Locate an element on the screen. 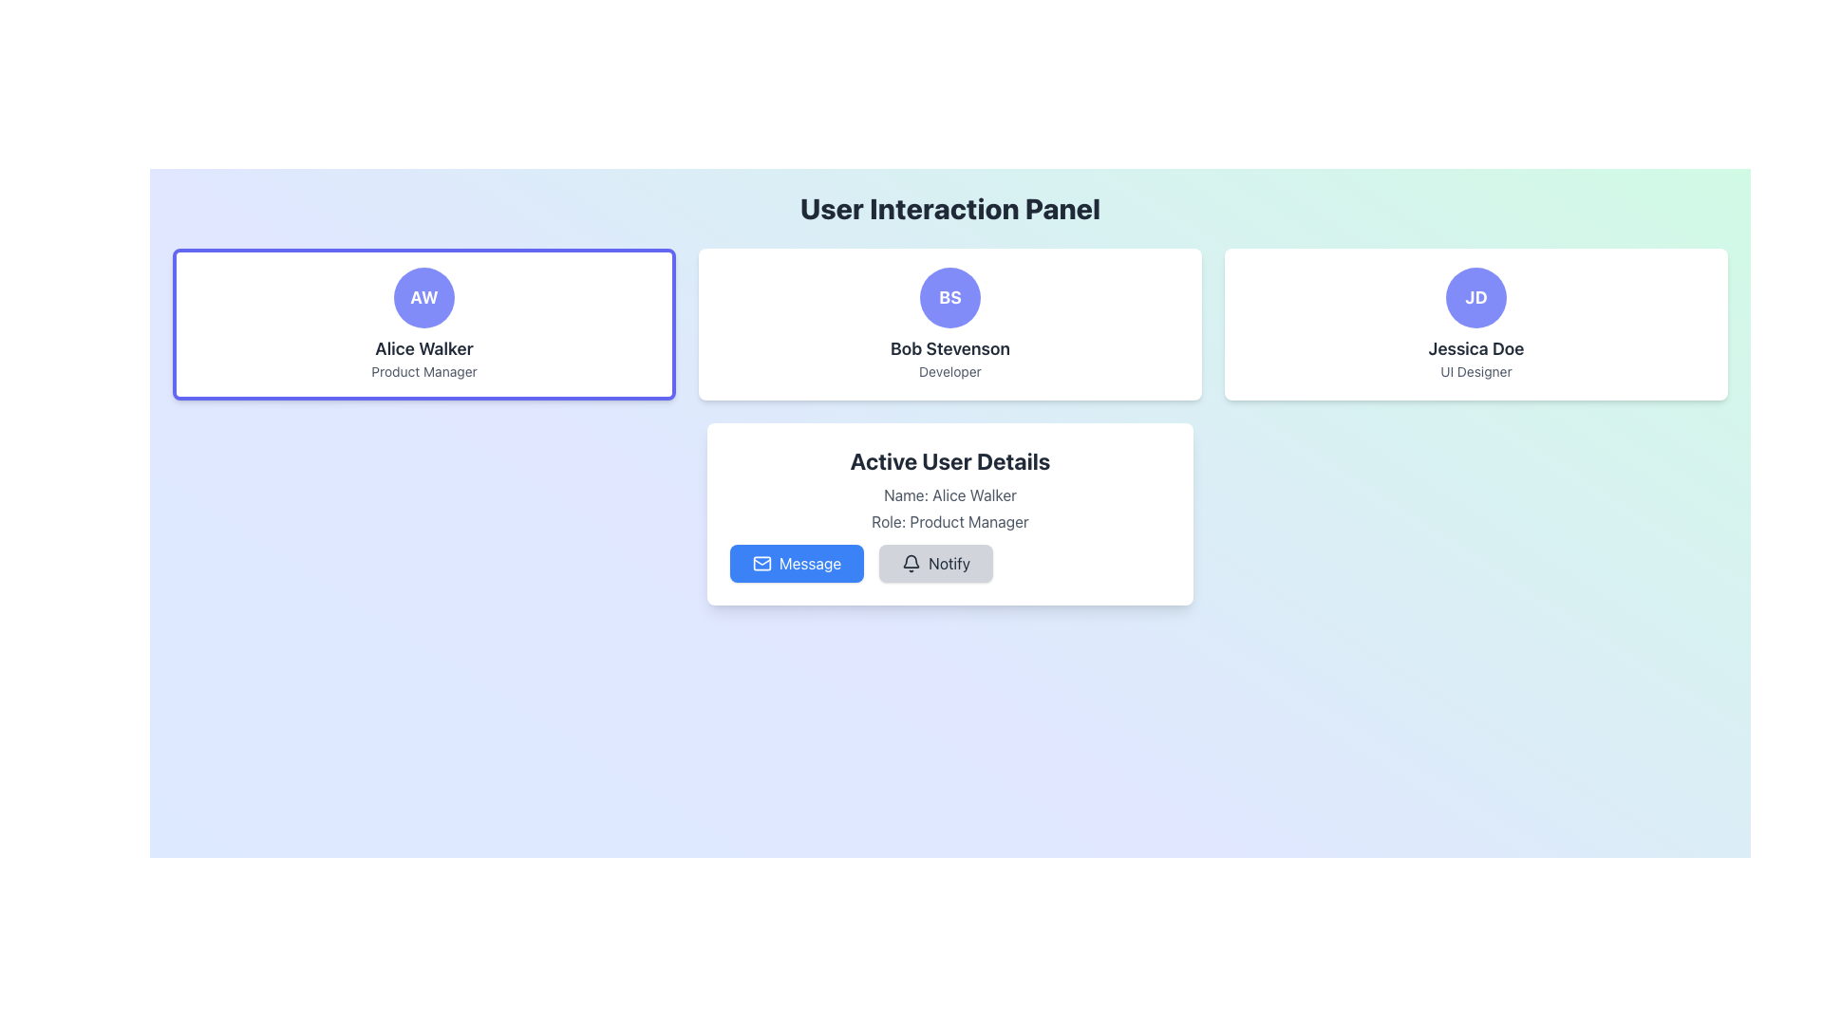  the Circular profile badge, a static visual element located at the top center of the user profile card for Alice Walker, which is styled with a white background and blue border is located at coordinates (423, 297).